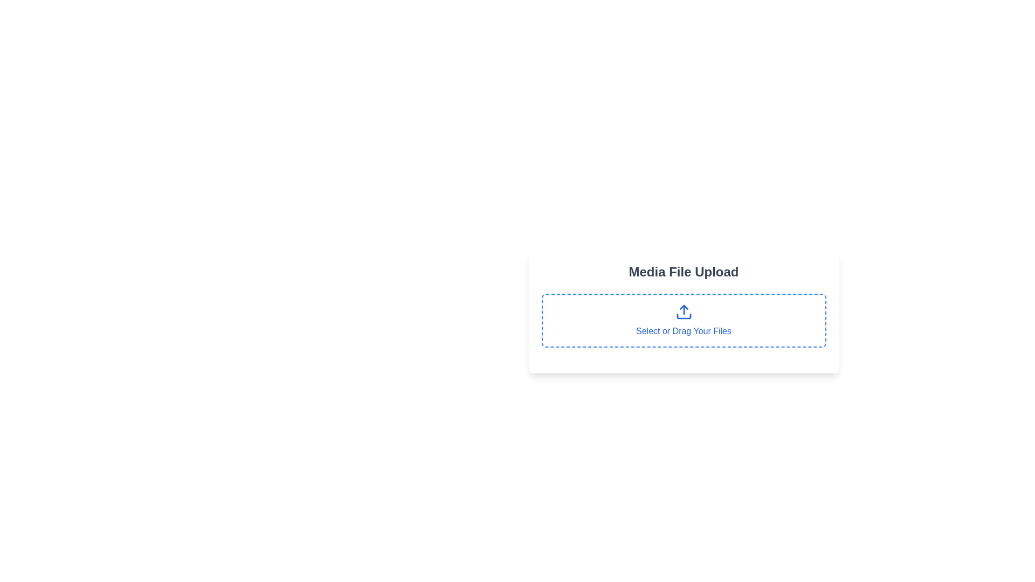  What do you see at coordinates (683, 320) in the screenshot?
I see `the File upload area displaying a dashed rectangular frame with blue borders and the text 'Select or Drag Your Files'` at bounding box center [683, 320].